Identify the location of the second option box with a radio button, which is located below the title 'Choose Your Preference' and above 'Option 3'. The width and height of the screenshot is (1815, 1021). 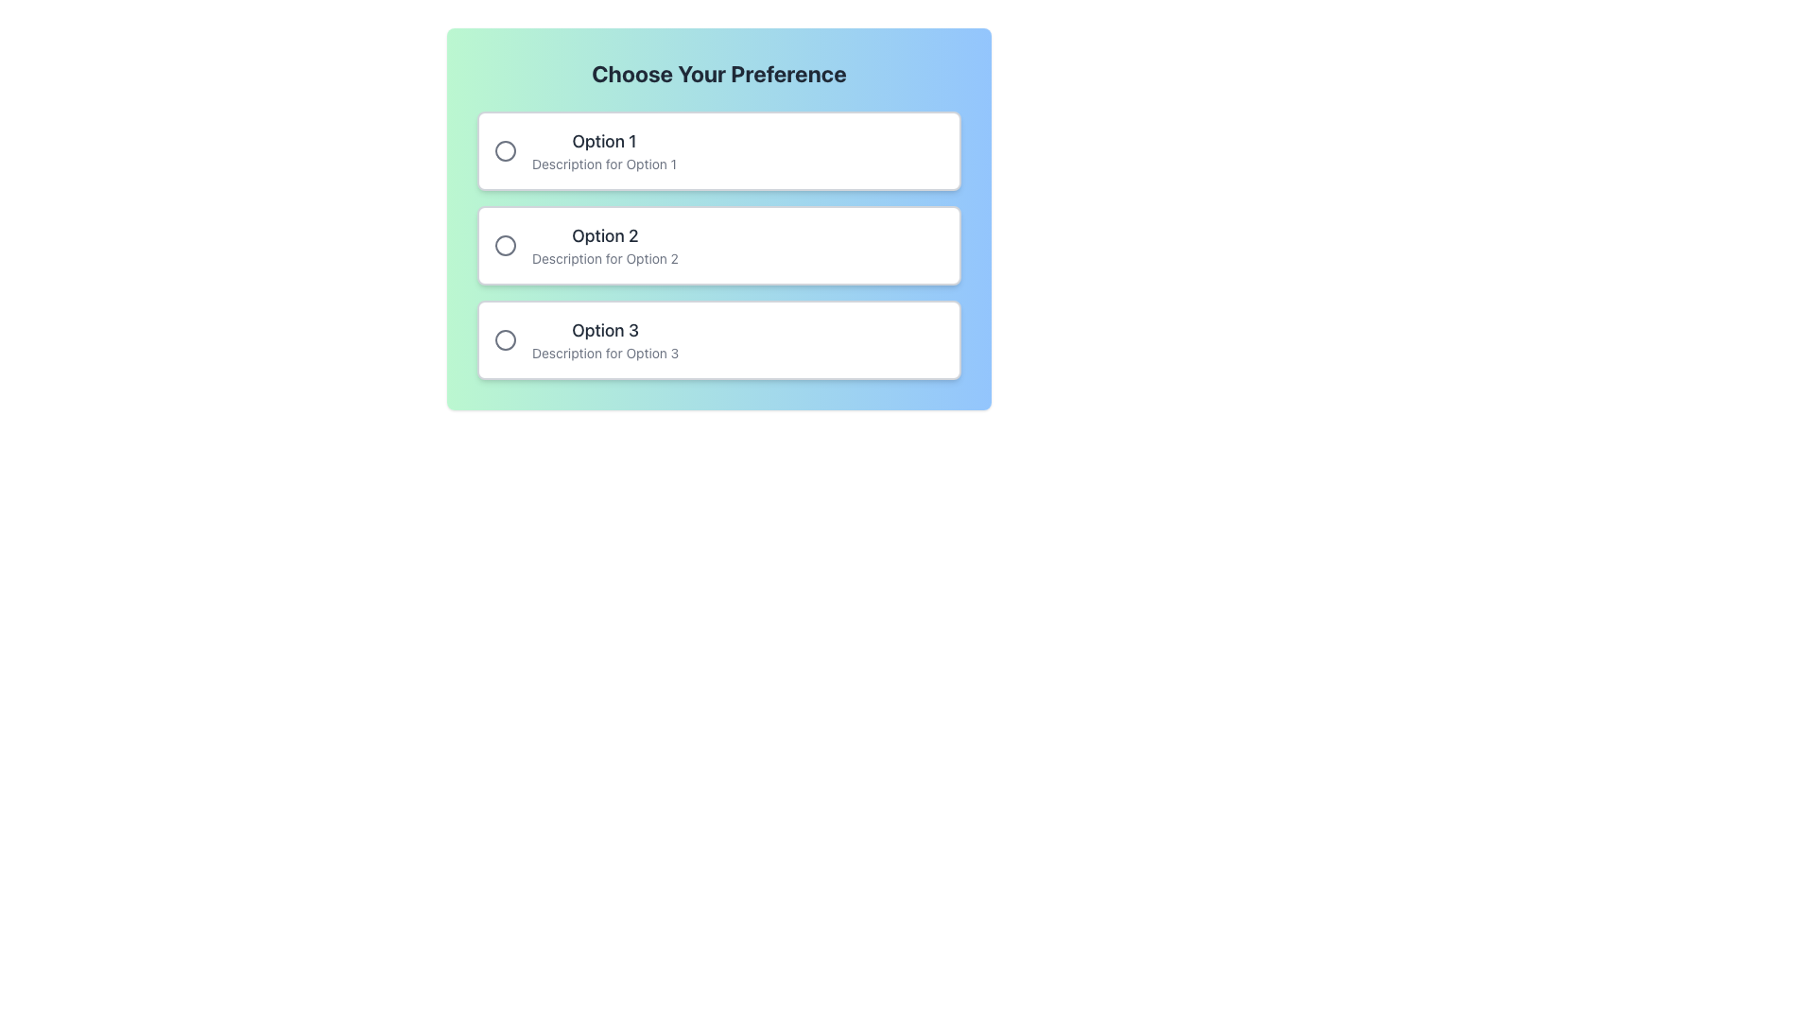
(718, 244).